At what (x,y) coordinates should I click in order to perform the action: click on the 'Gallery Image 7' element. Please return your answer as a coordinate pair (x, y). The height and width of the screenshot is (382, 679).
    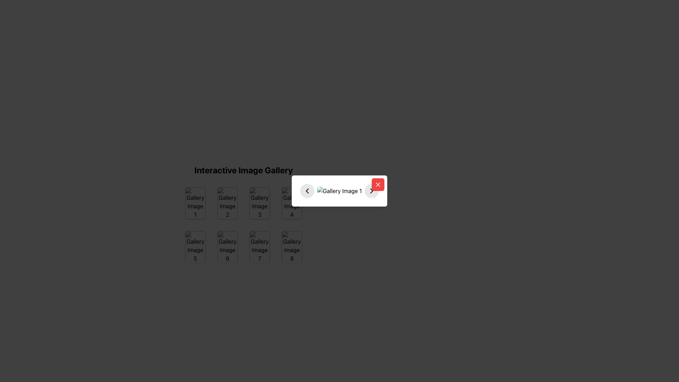
    Looking at the image, I should click on (259, 247).